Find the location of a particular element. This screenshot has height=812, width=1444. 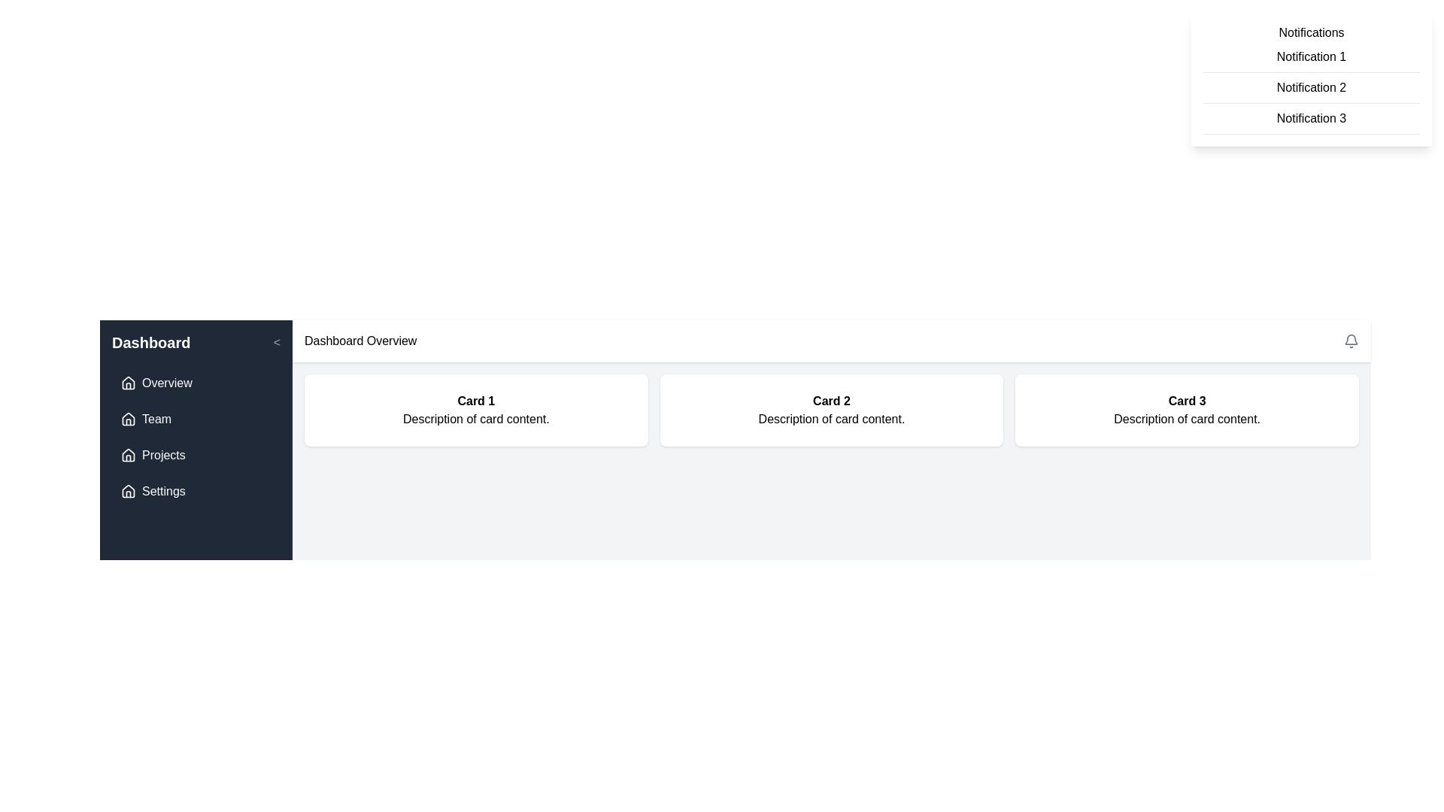

the 'Overview' icon located in the side navigation bar panel on the left side of the interface is located at coordinates (129, 382).